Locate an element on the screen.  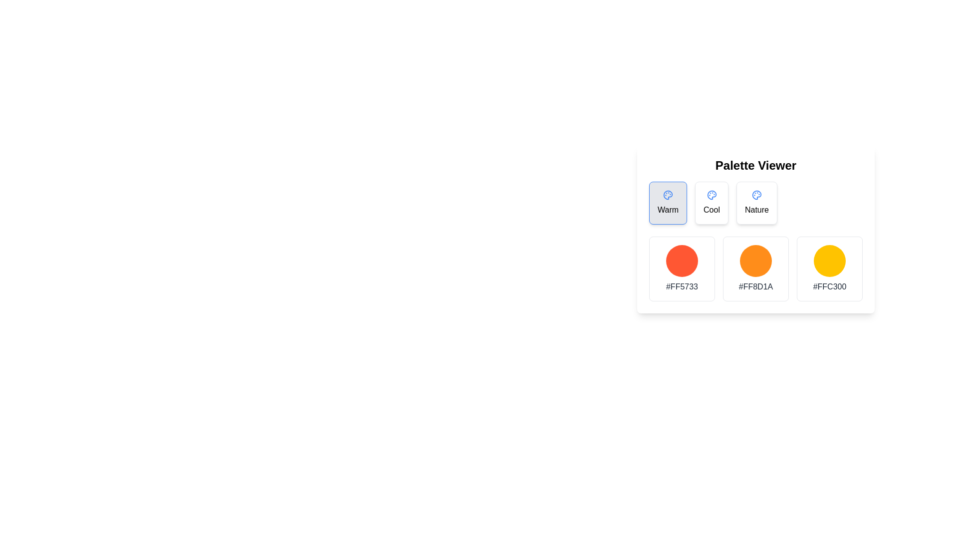
the 'Cool' theme icon, which is a rounded palette-shaped vector graphic in a neutral blue shade is located at coordinates (711, 195).